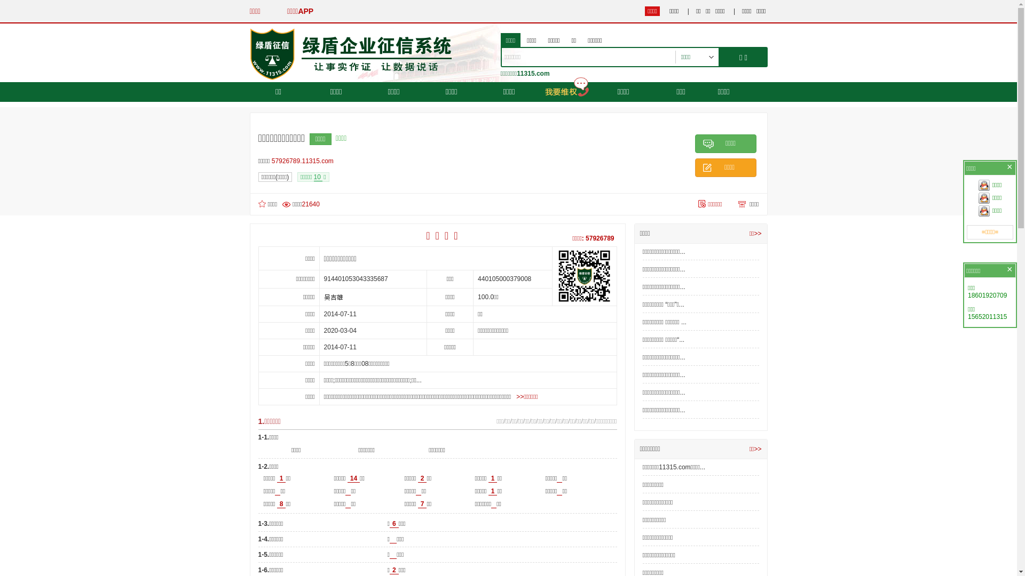  Describe the element at coordinates (393, 523) in the screenshot. I see `'6'` at that location.